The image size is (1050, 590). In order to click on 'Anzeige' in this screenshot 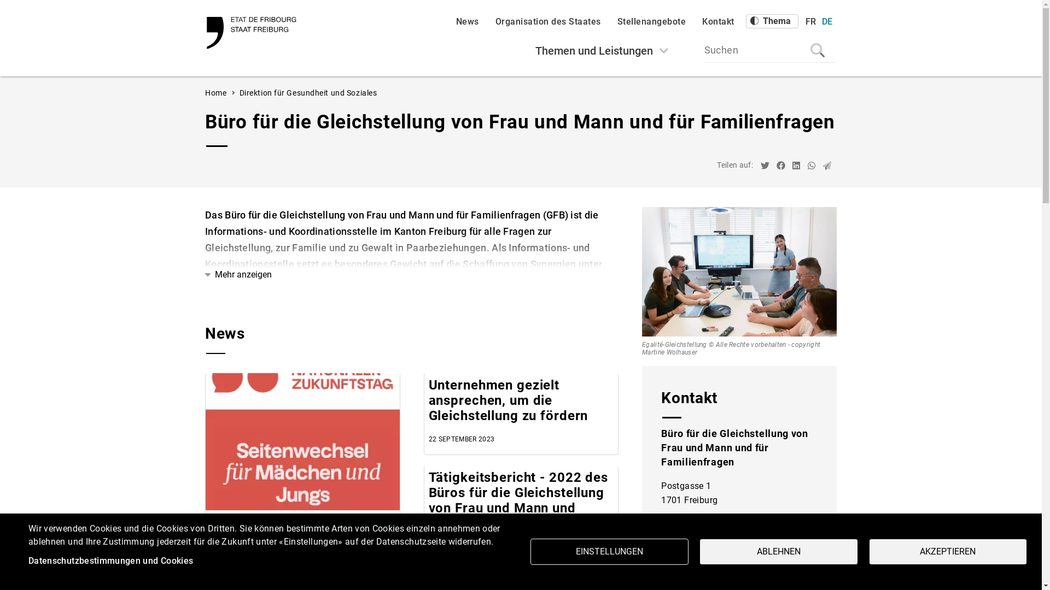, I will do `click(1010, 569)`.